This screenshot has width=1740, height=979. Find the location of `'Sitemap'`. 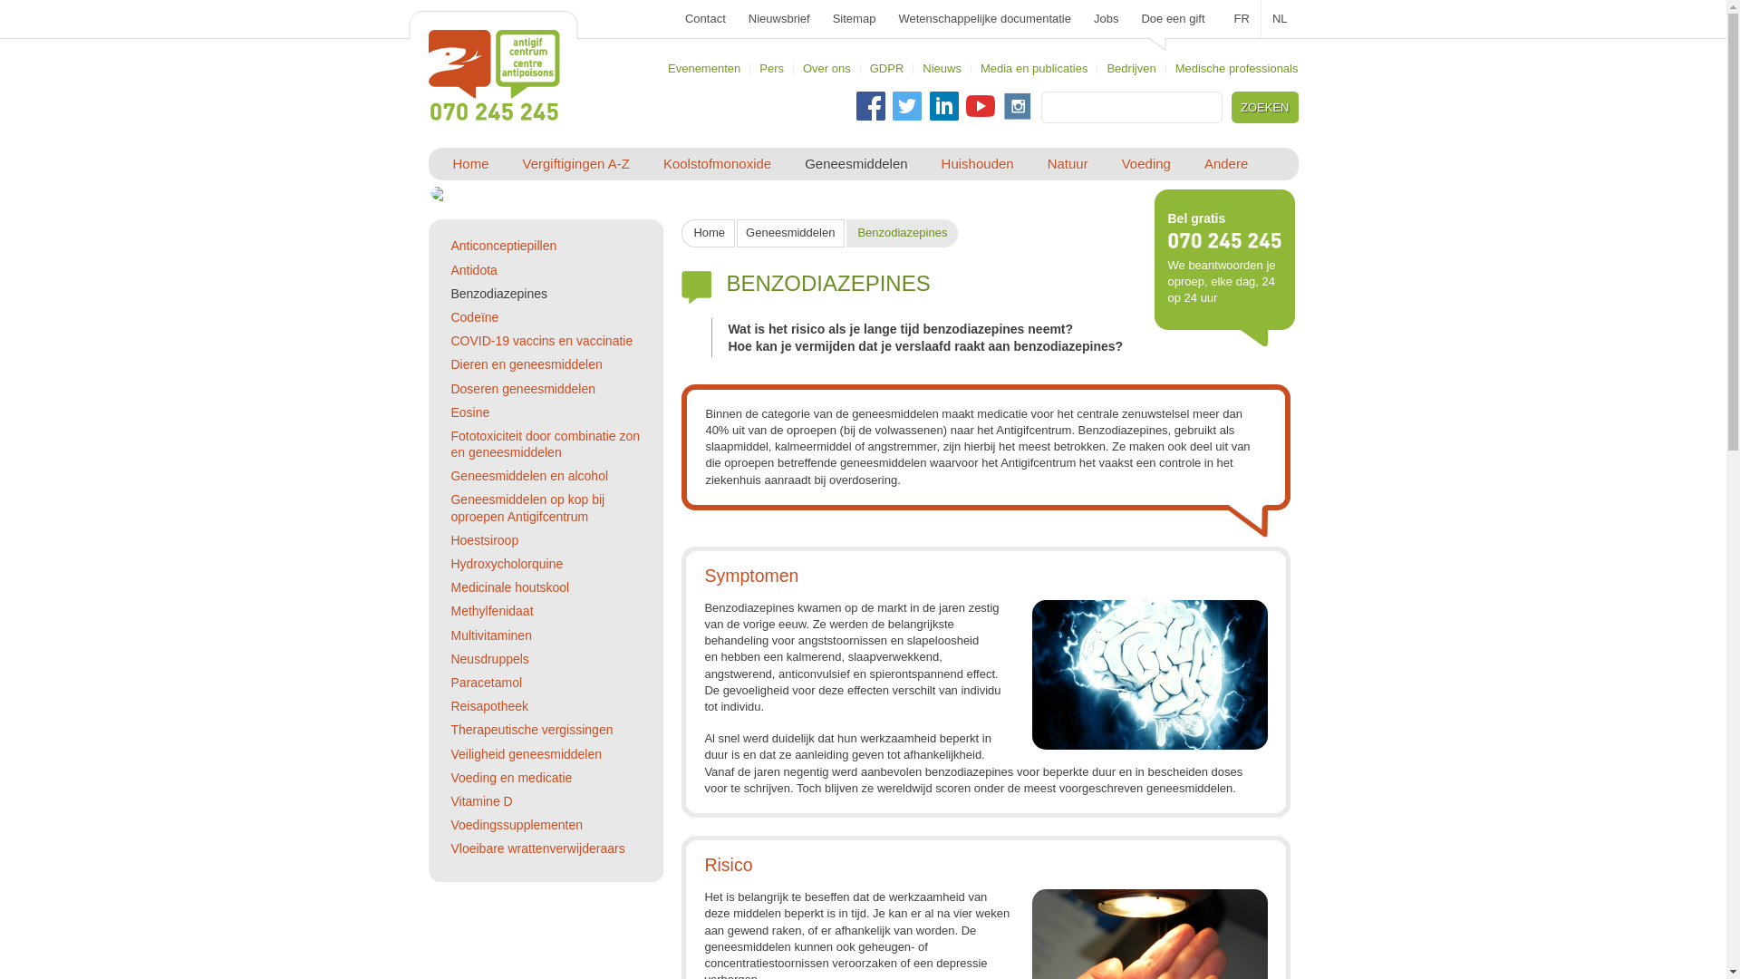

'Sitemap' is located at coordinates (853, 18).